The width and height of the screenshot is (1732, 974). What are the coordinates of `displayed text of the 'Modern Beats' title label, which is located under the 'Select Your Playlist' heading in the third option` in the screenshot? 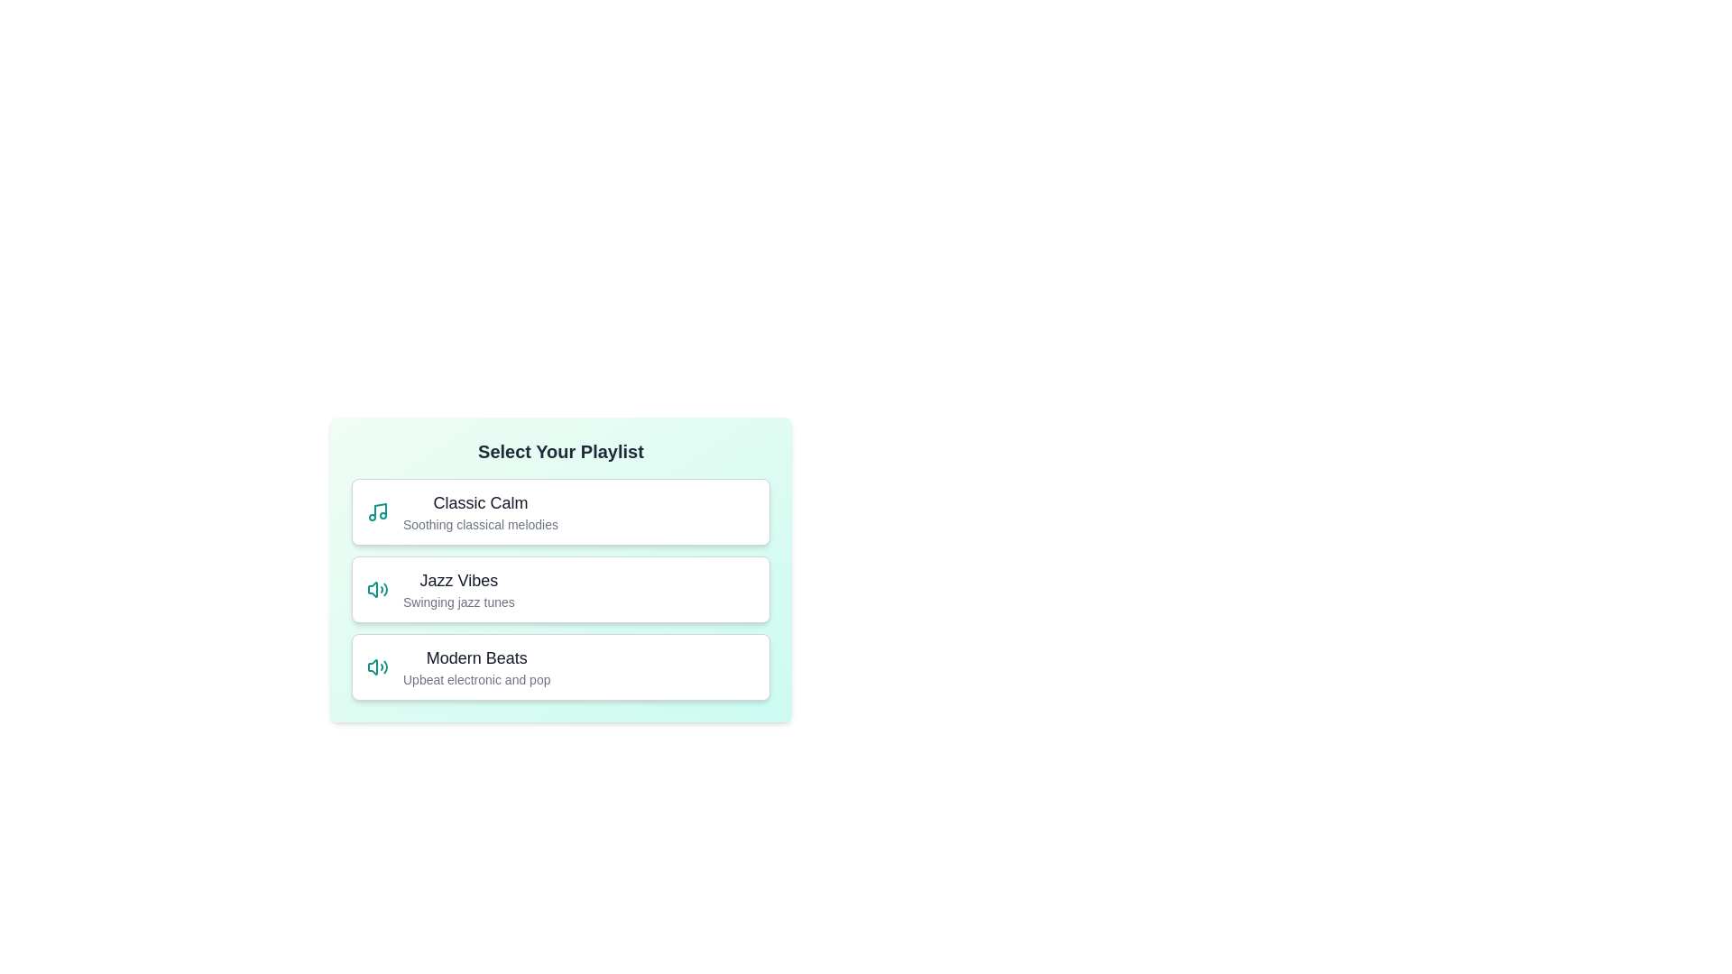 It's located at (476, 657).